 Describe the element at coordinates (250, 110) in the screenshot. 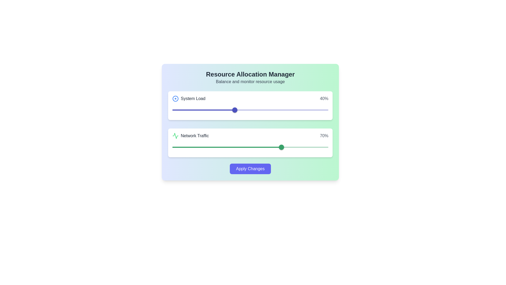

I see `the red slider rail component for the 'System Load' metric, which is a horizontal line positioned slightly above the red slider track and directly below the slider thumb` at that location.